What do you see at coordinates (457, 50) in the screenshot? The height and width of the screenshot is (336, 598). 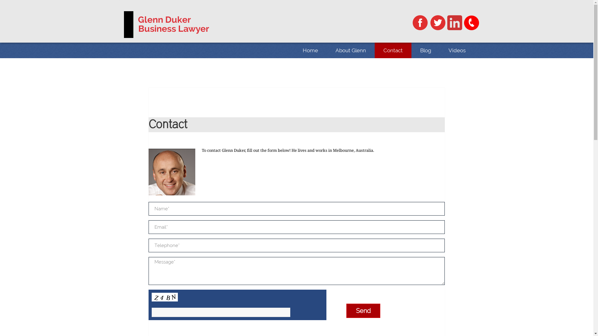 I see `'Videos'` at bounding box center [457, 50].